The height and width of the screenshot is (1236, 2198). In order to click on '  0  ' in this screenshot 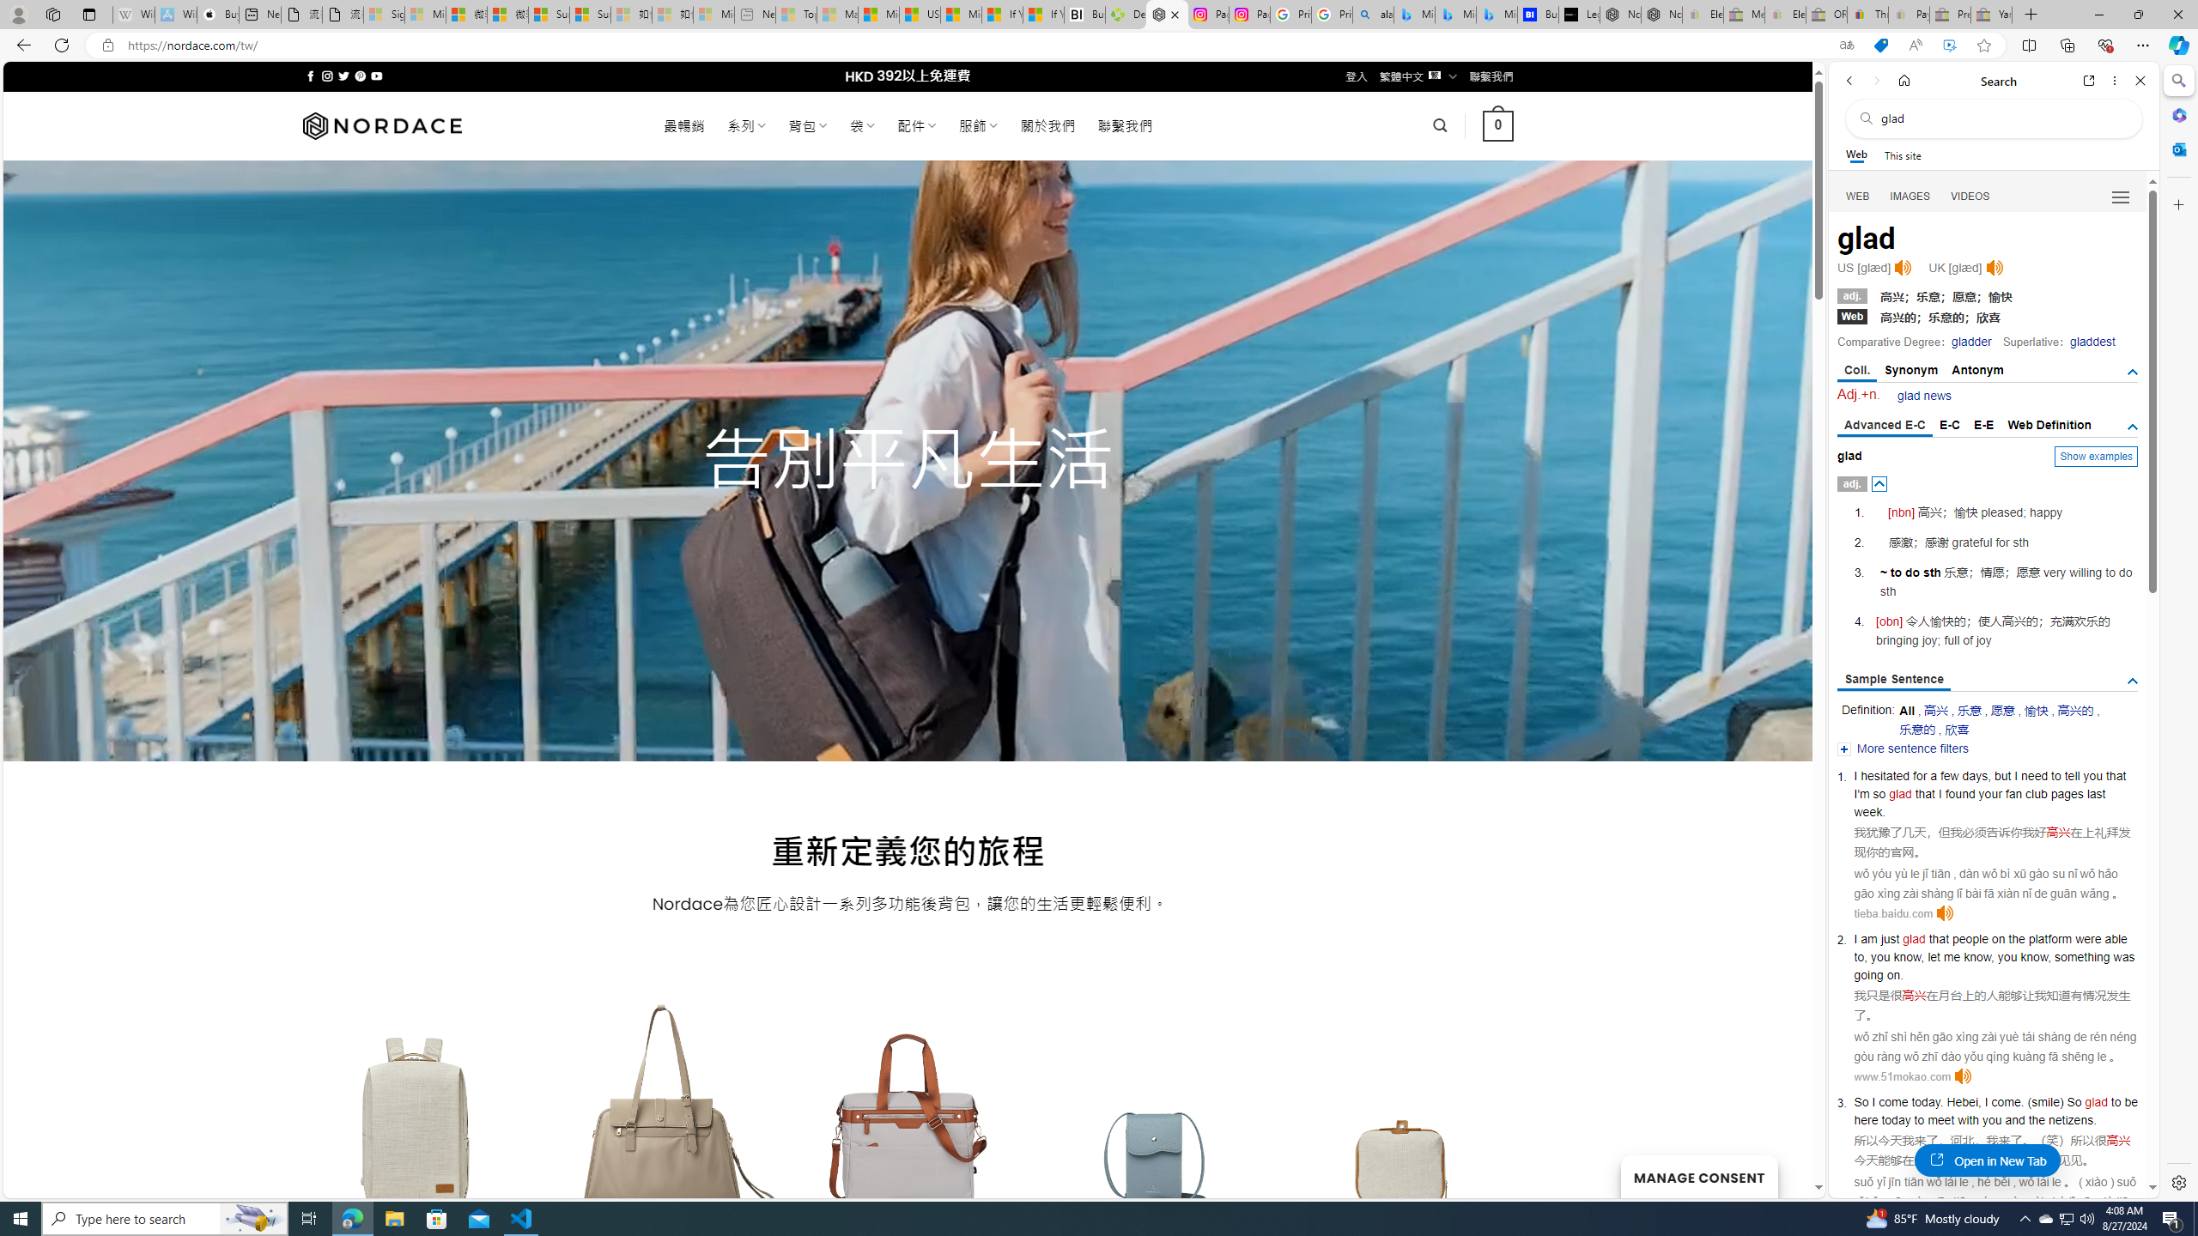, I will do `click(1497, 124)`.